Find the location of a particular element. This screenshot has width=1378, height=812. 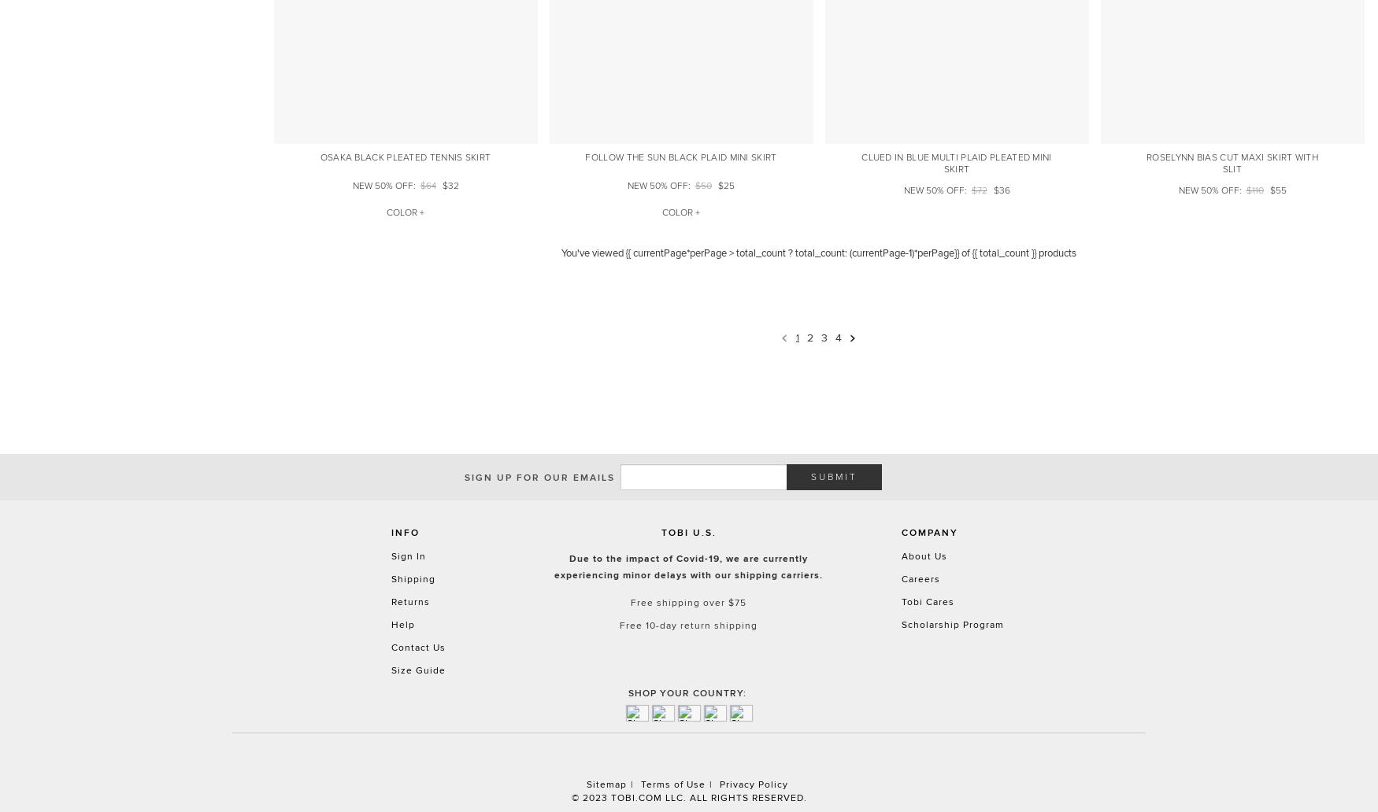

'Scholarship Program' is located at coordinates (952, 623).